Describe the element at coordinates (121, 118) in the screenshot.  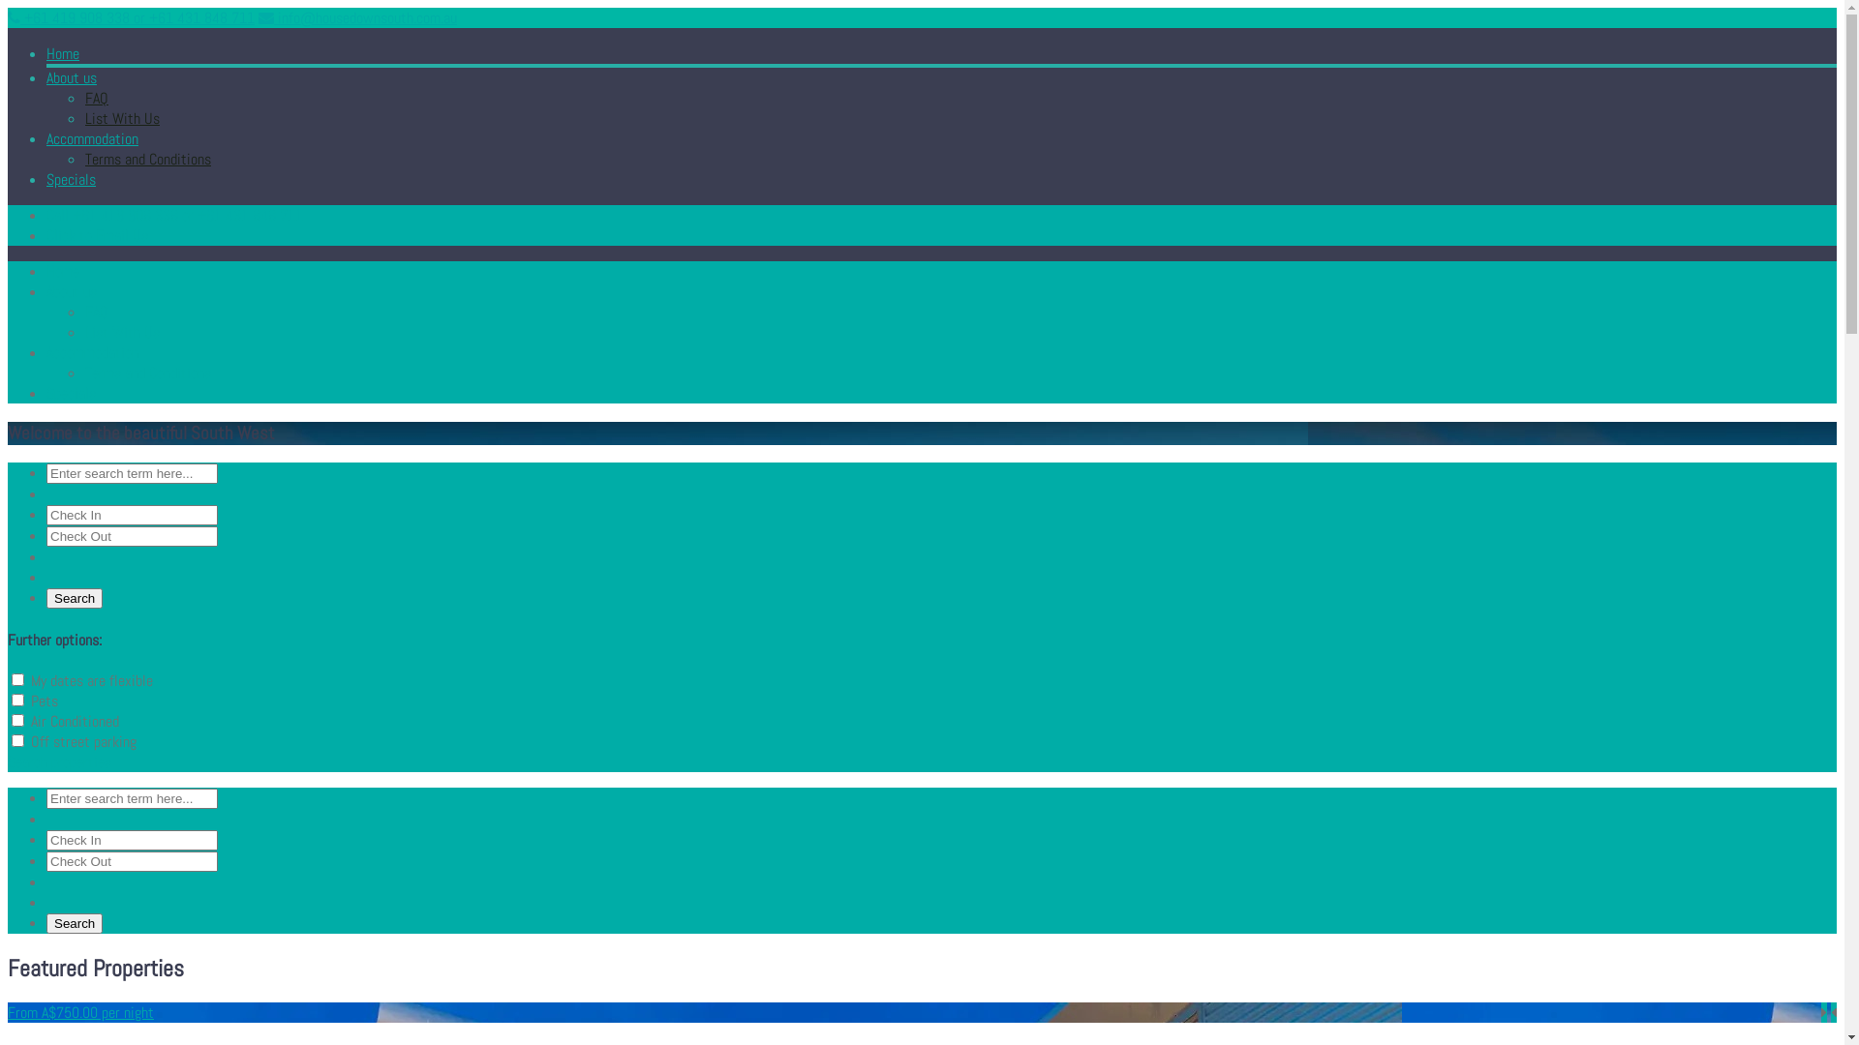
I see `'List With Us'` at that location.